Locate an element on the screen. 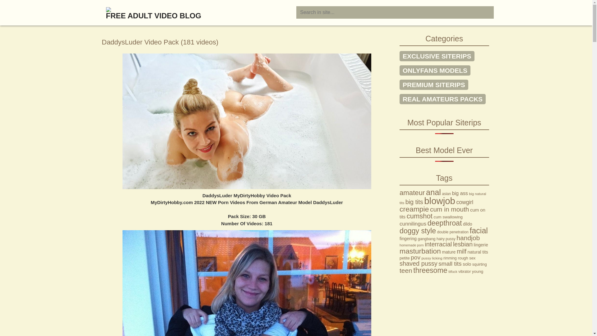 Image resolution: width=597 pixels, height=336 pixels. 'threesome' is located at coordinates (430, 270).